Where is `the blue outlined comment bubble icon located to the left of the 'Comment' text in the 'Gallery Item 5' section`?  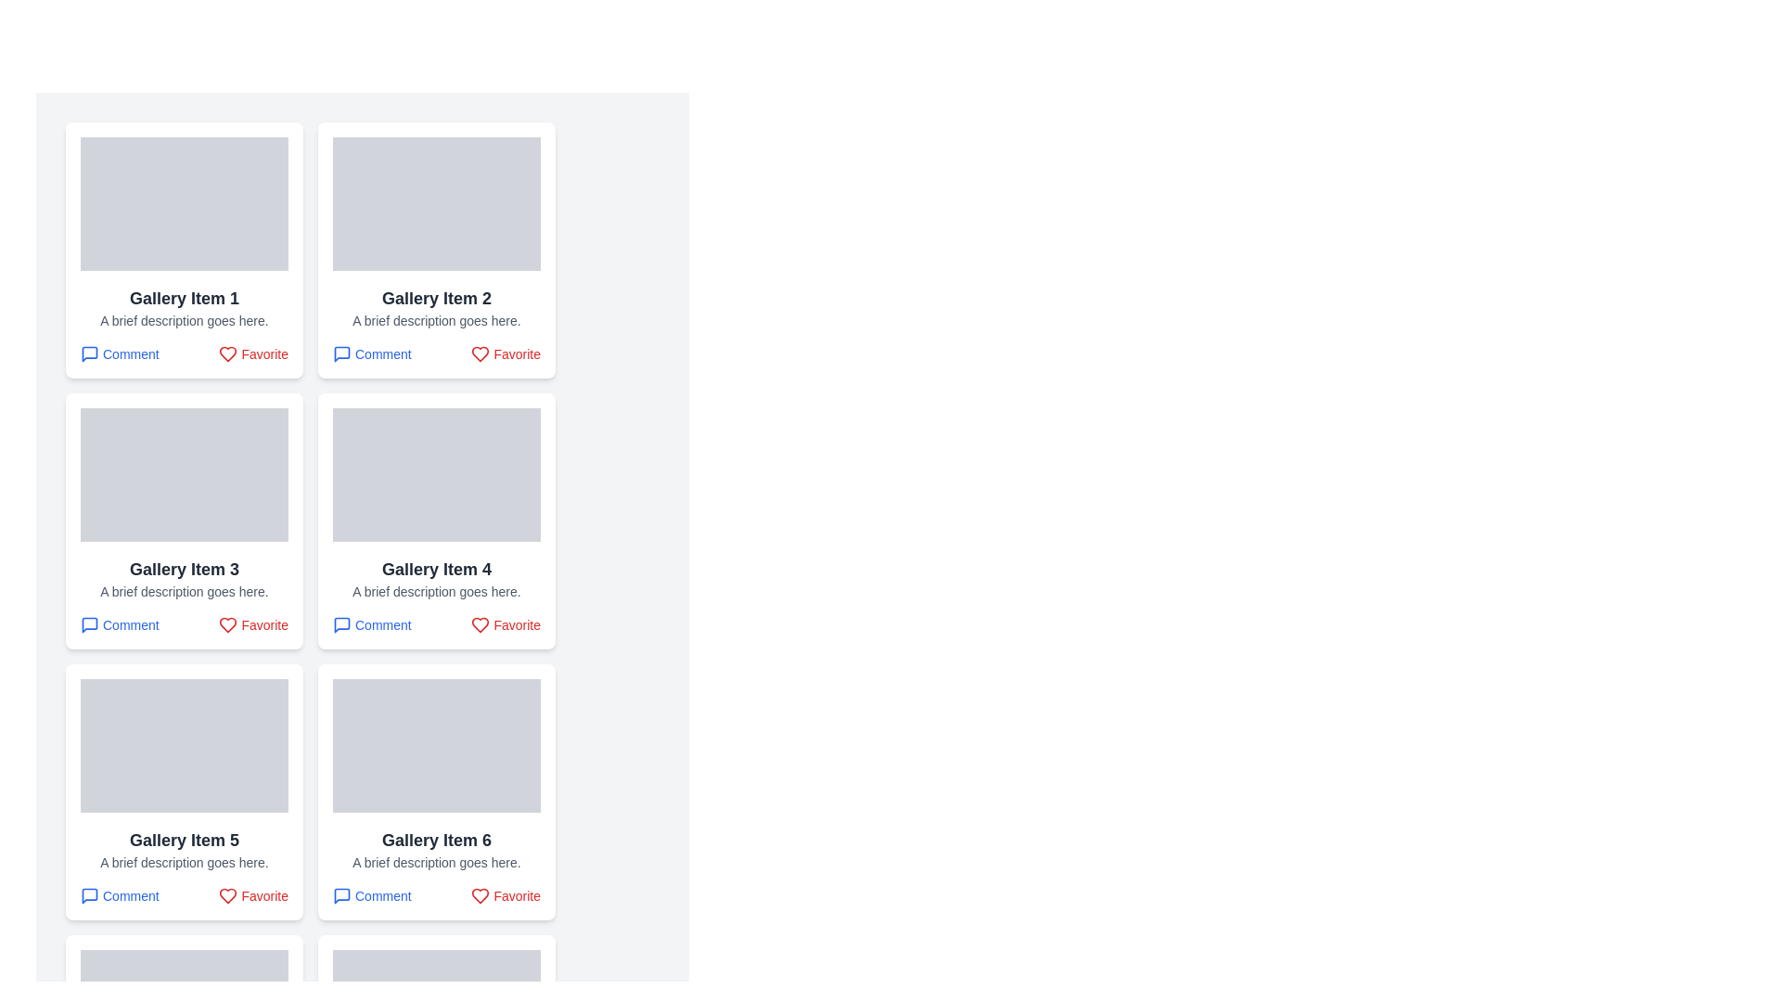
the blue outlined comment bubble icon located to the left of the 'Comment' text in the 'Gallery Item 5' section is located at coordinates (88, 894).